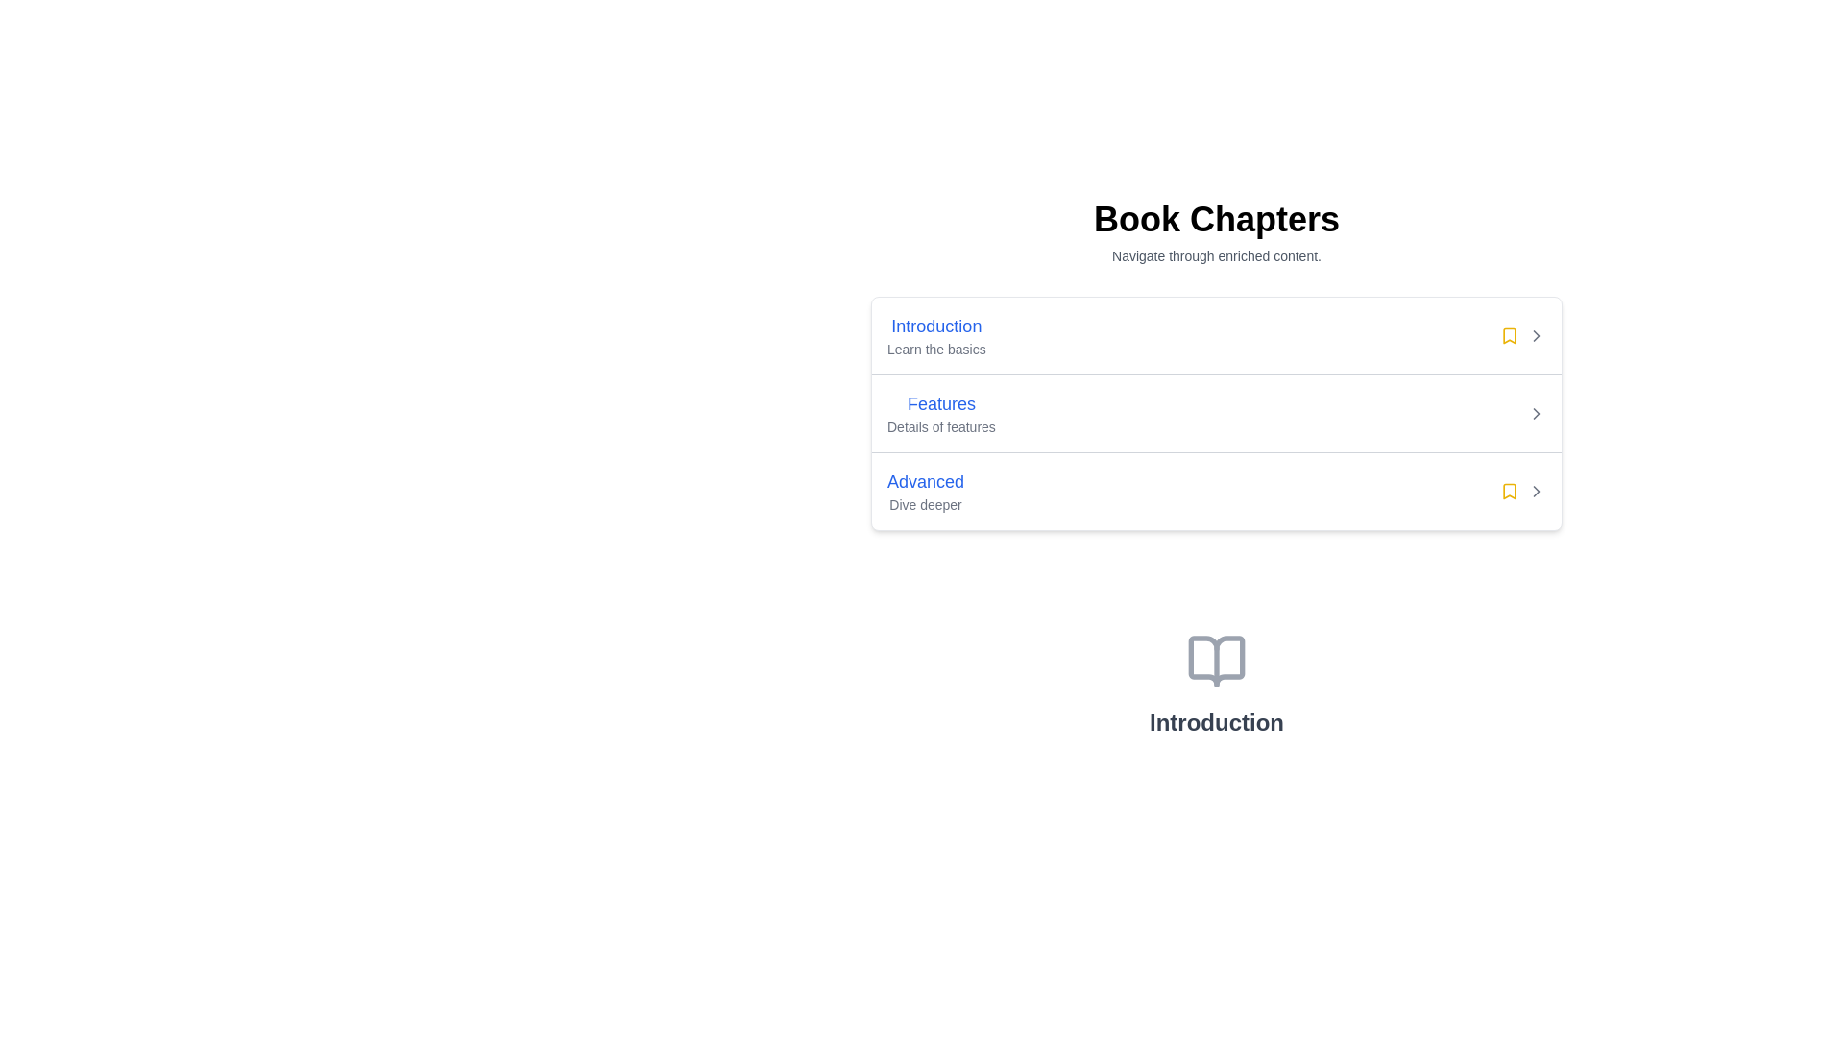  I want to click on the link titled 'Advanced', which is the third item in the chapter navigation list under 'Book Chapters', so click(926, 491).